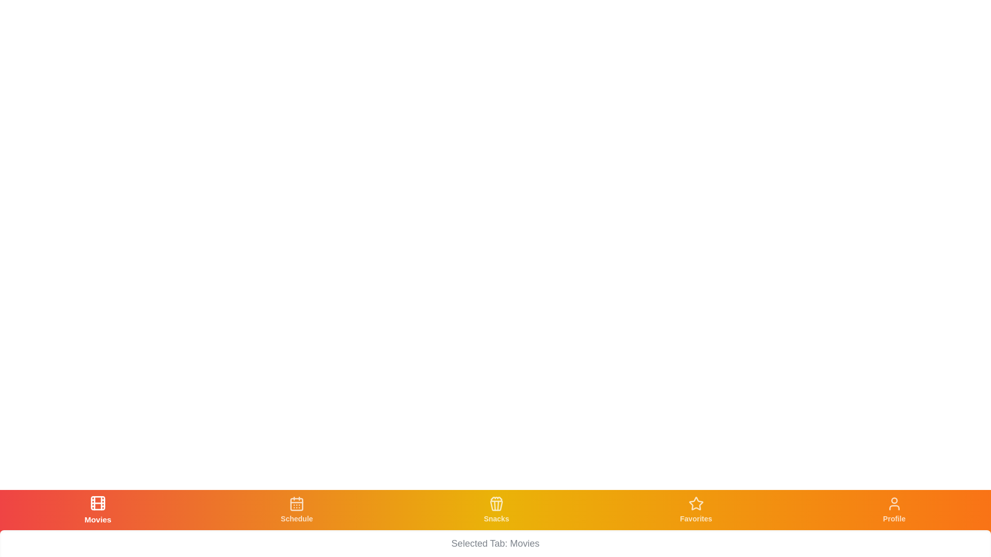 Image resolution: width=991 pixels, height=557 pixels. Describe the element at coordinates (893, 509) in the screenshot. I see `the tab with the label Profile to view its icon and label` at that location.